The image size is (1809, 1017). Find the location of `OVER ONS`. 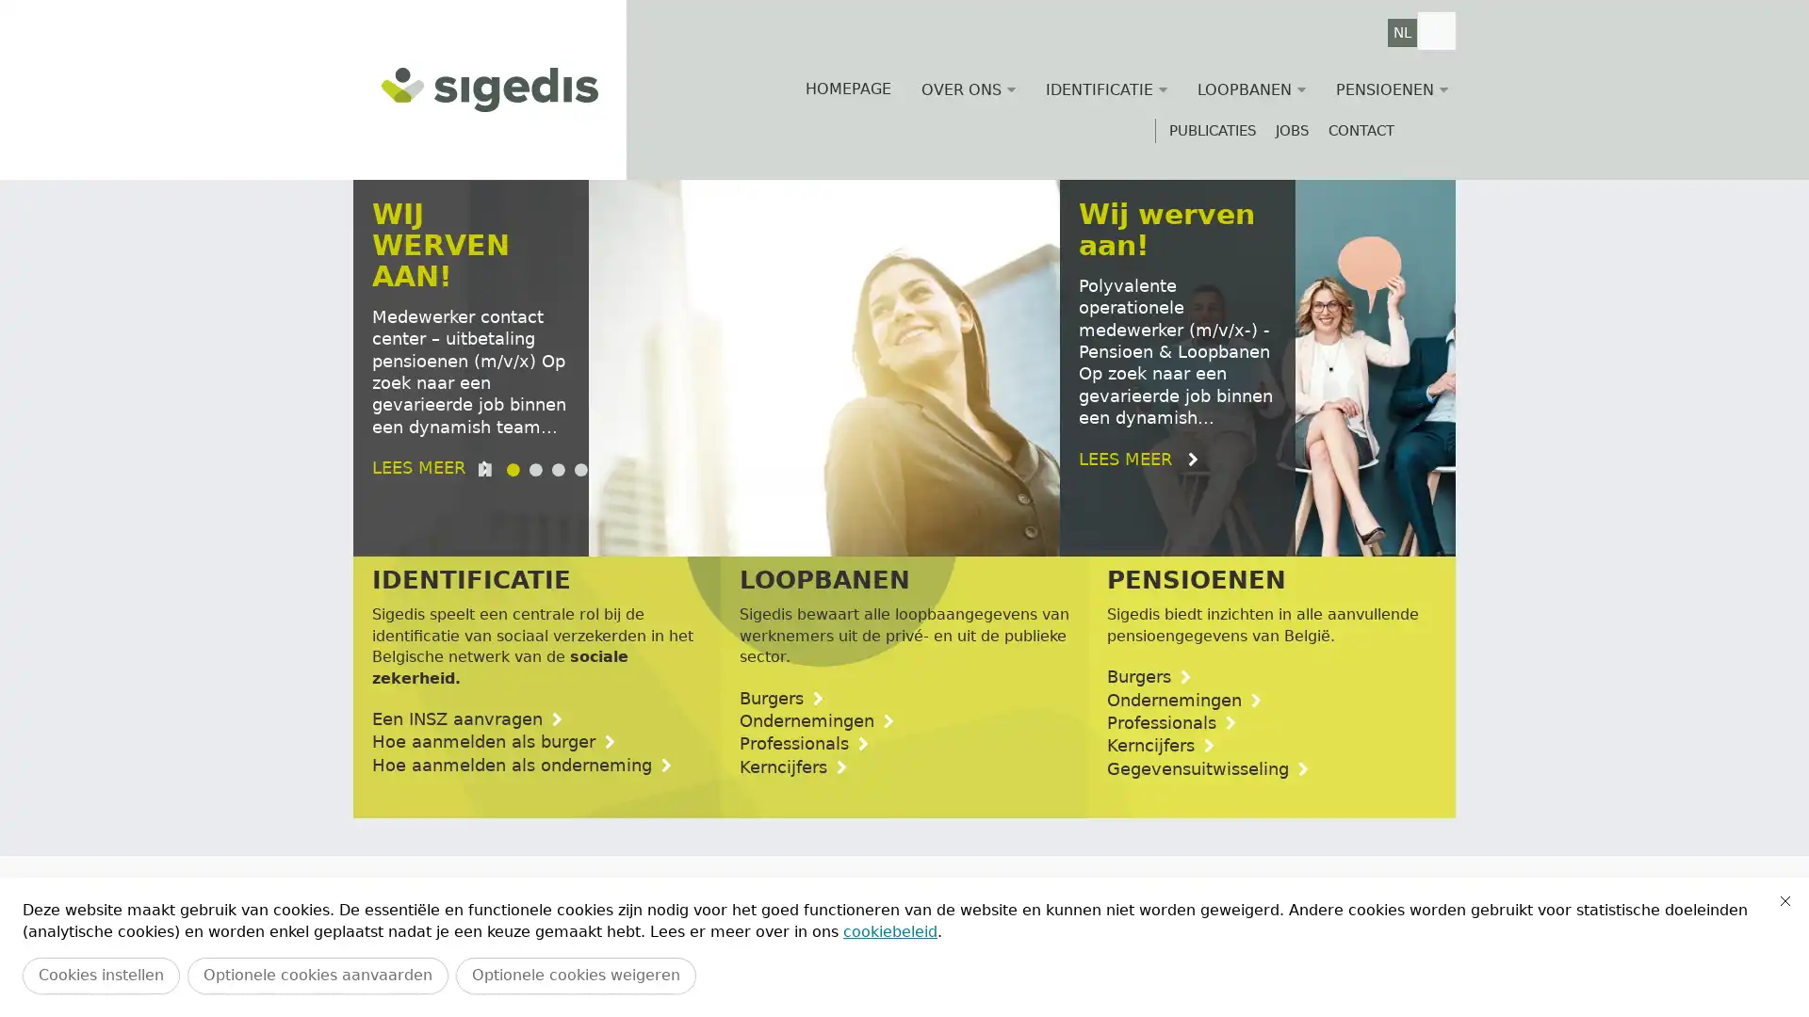

OVER ONS is located at coordinates (968, 89).